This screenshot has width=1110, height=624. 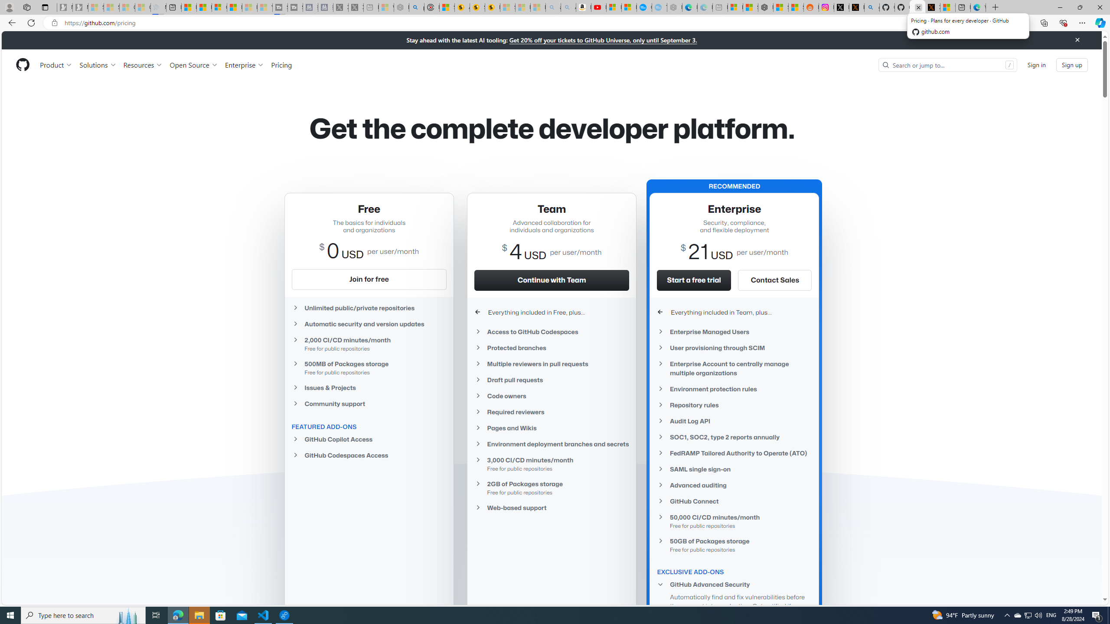 What do you see at coordinates (857, 7) in the screenshot?
I see `'help.x.com | 524: A timeout occurred'` at bounding box center [857, 7].